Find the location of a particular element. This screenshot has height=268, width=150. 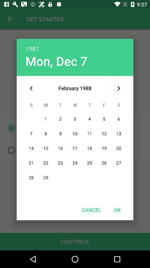

icon above ok icon is located at coordinates (118, 88).